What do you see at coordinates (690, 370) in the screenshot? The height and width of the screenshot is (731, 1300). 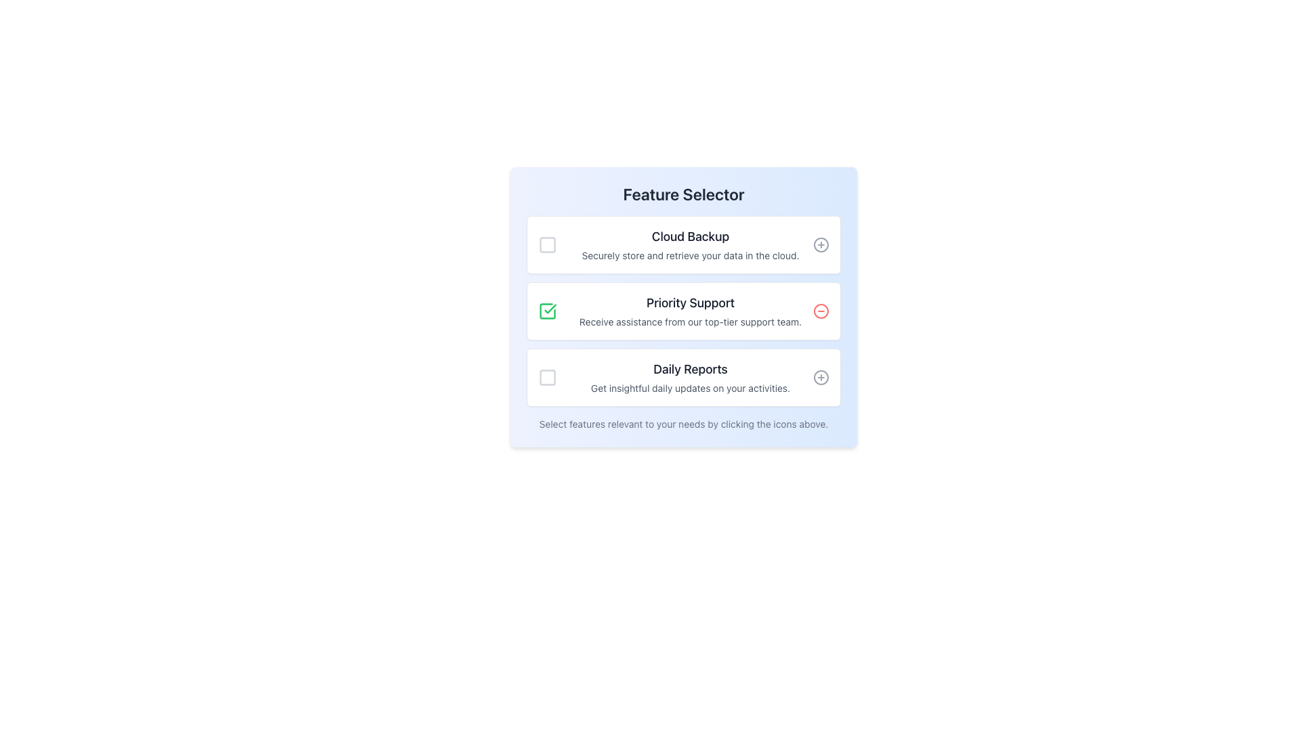 I see `the static text header located in the 'Feature Selector' interface, which is positioned in the third row to the right of a square checkbox` at bounding box center [690, 370].